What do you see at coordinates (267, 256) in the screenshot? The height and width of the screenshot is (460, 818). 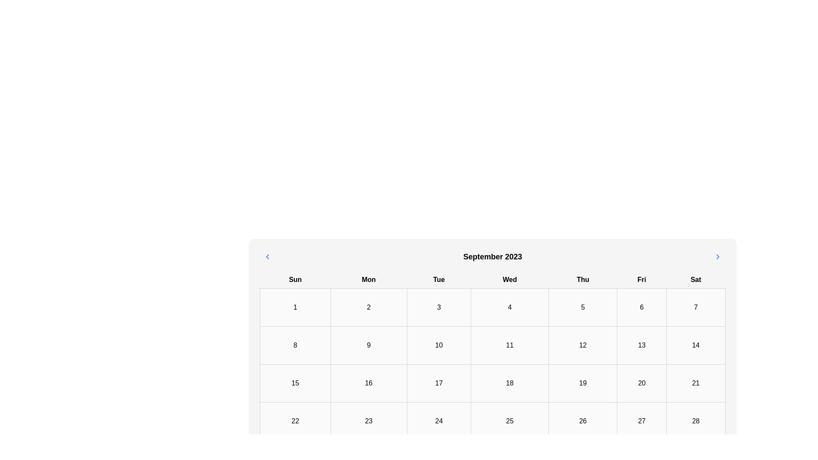 I see `the circular navigation button located at the top-left corner of the calendar display` at bounding box center [267, 256].